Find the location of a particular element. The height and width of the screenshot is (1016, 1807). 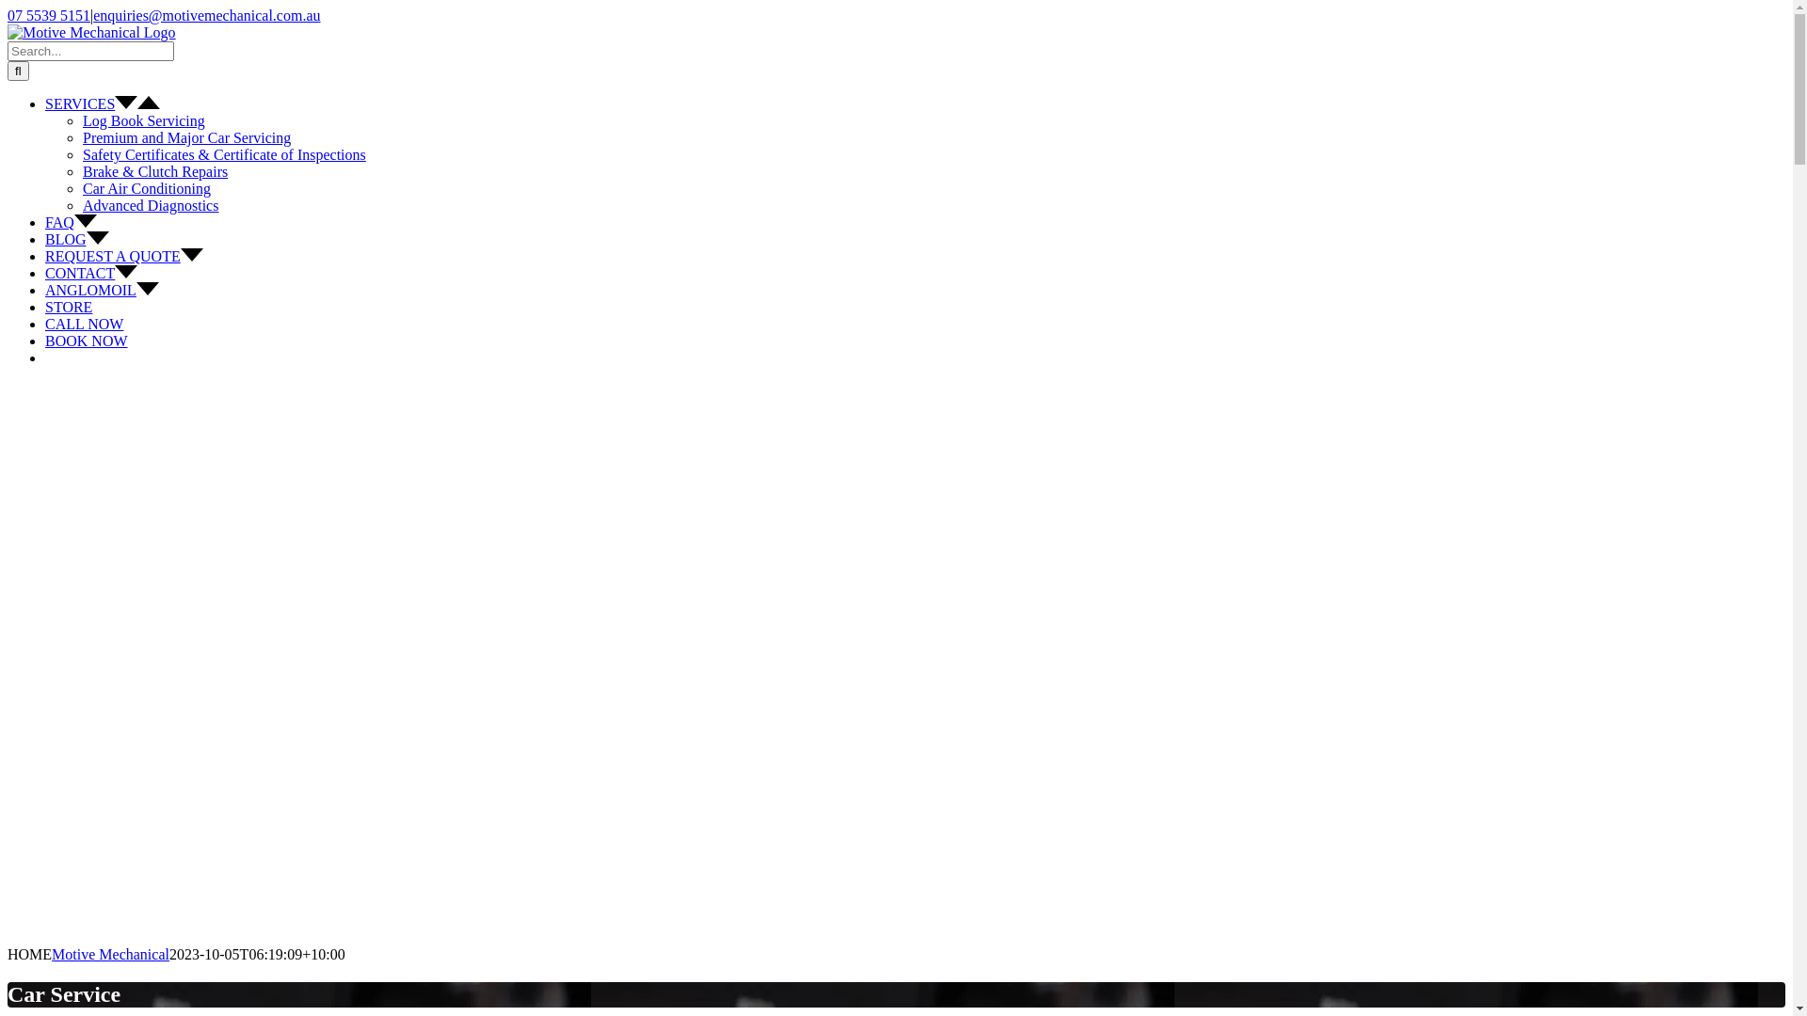

'STORE' is located at coordinates (68, 306).